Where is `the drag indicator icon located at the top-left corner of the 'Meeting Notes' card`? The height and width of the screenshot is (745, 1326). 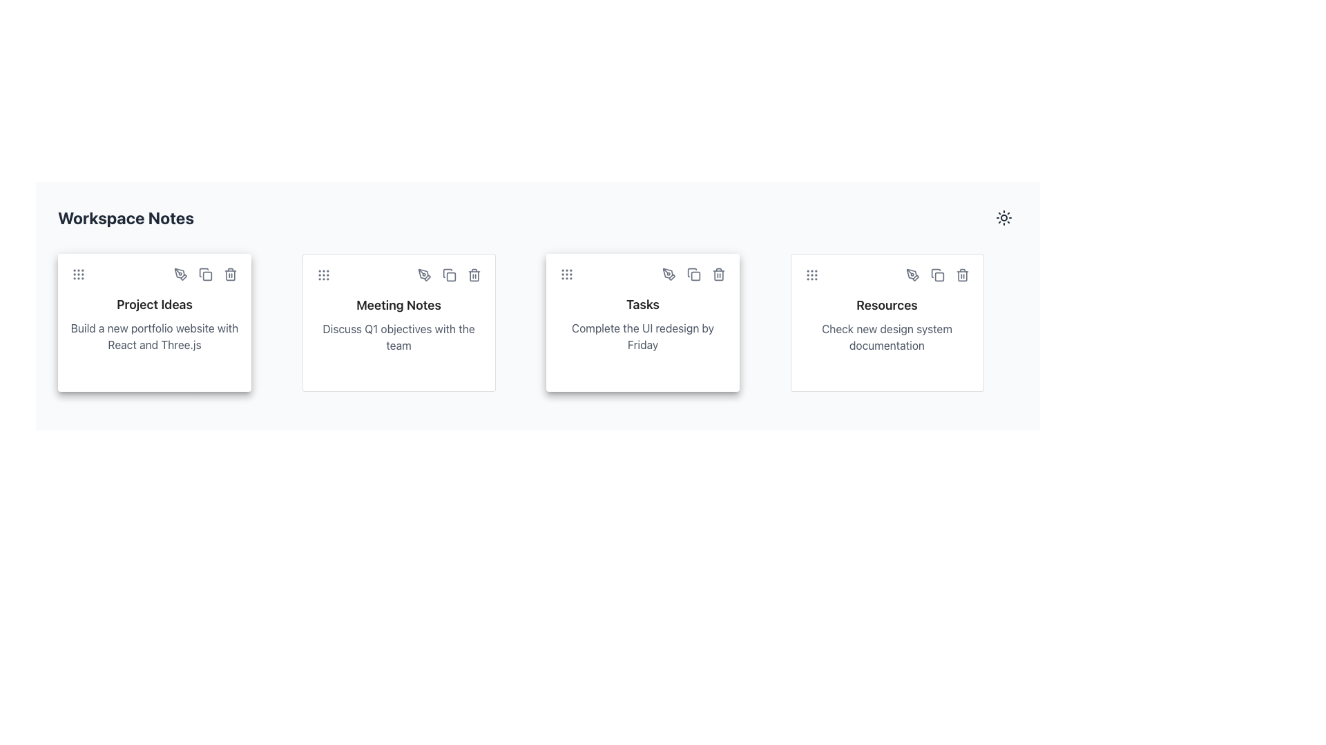 the drag indicator icon located at the top-left corner of the 'Meeting Notes' card is located at coordinates (323, 275).